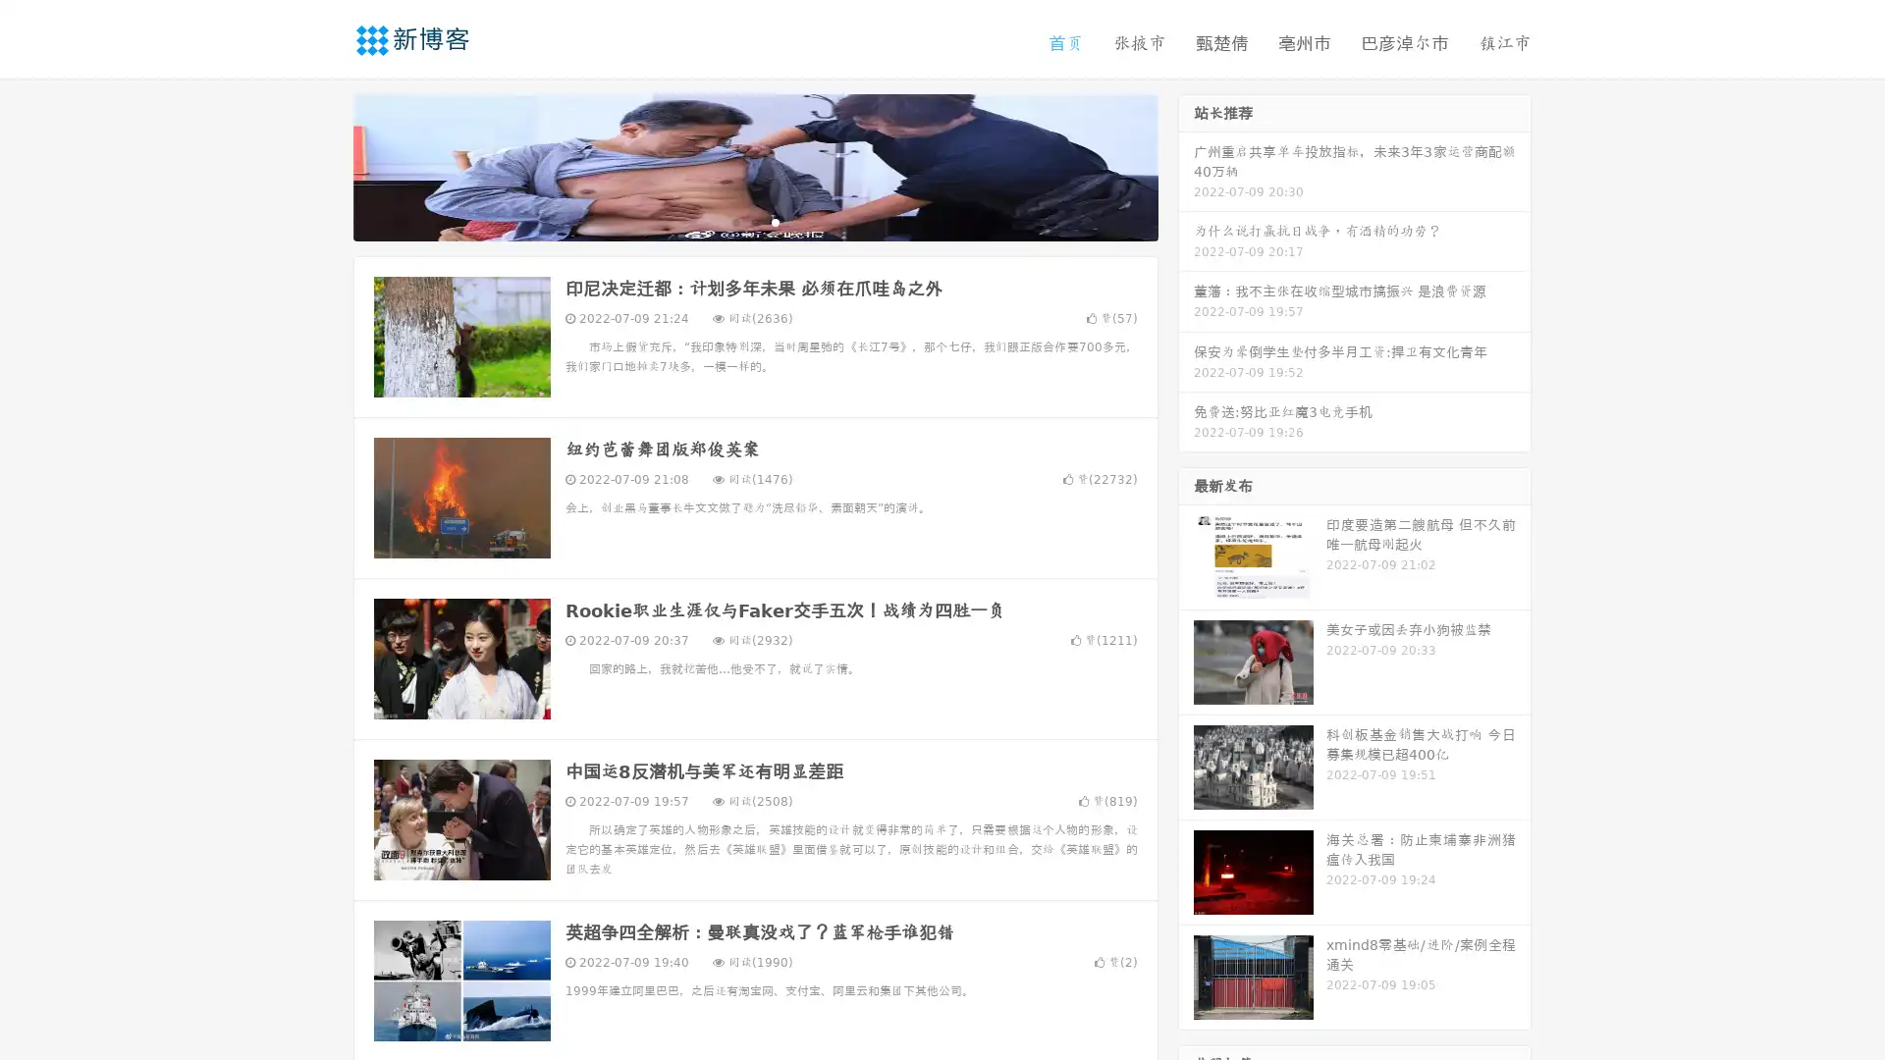 The image size is (1885, 1060). What do you see at coordinates (1186, 165) in the screenshot?
I see `Next slide` at bounding box center [1186, 165].